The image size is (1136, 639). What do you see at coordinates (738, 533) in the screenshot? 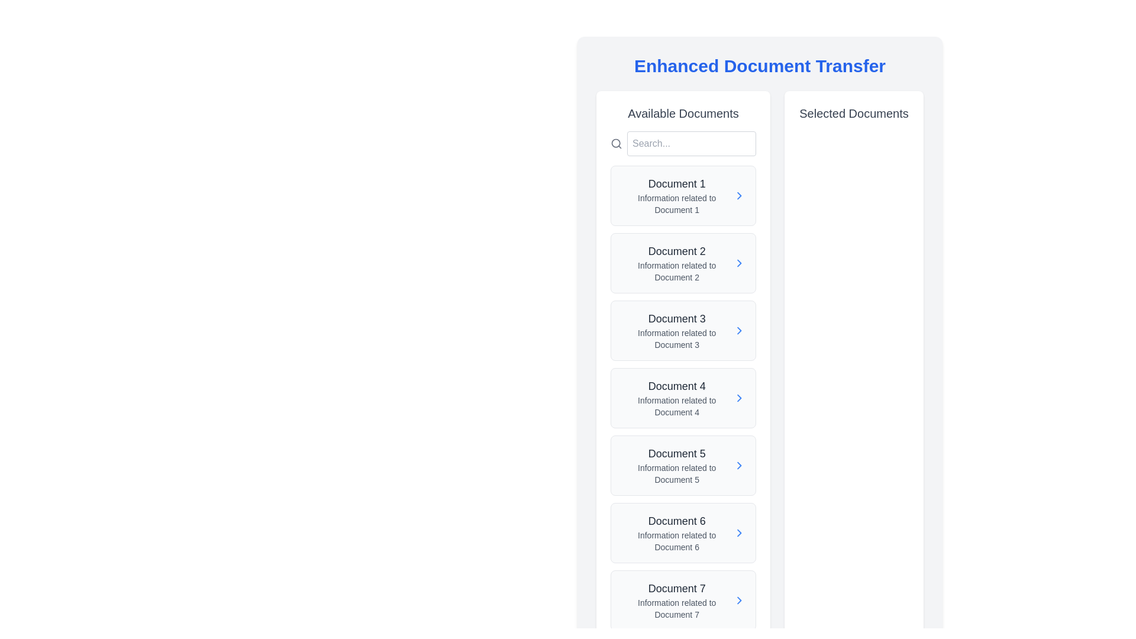
I see `the right-pointing chevron icon within the 'Document 6' list item` at bounding box center [738, 533].